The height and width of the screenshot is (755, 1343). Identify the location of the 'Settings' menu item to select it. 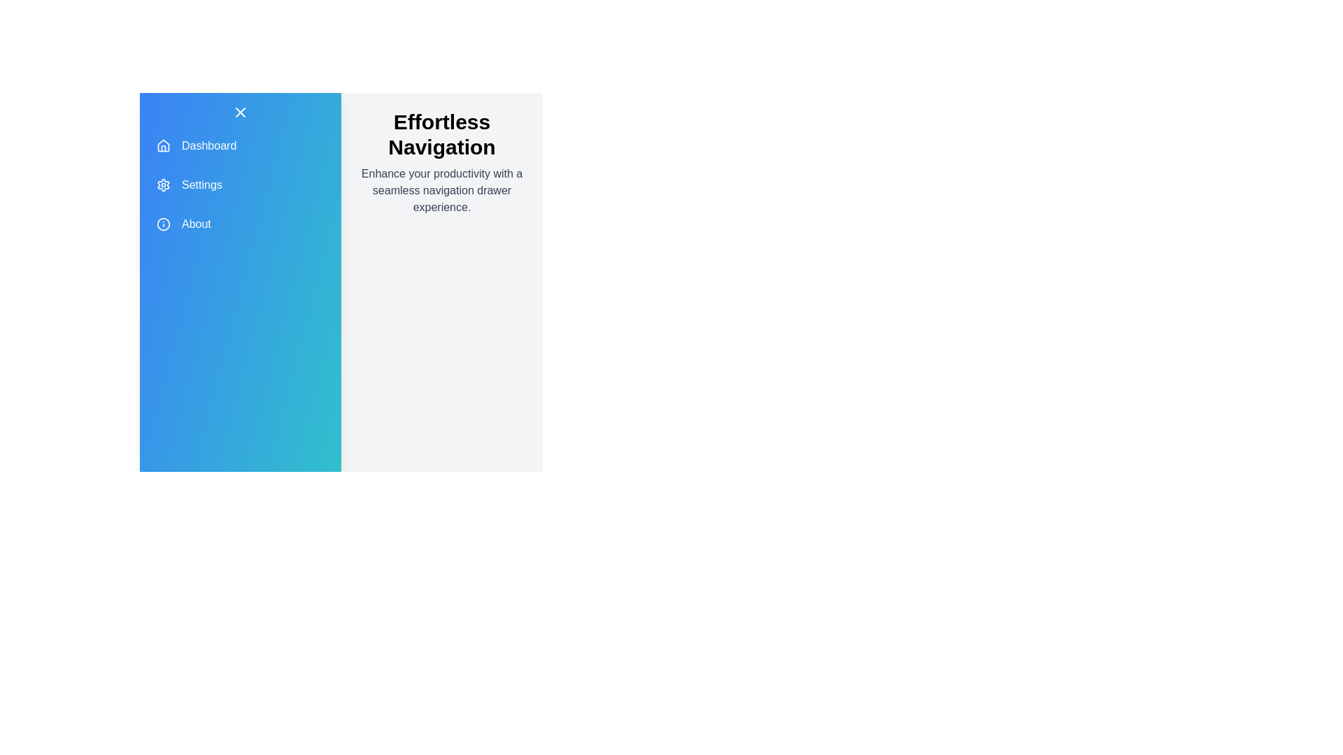
(241, 185).